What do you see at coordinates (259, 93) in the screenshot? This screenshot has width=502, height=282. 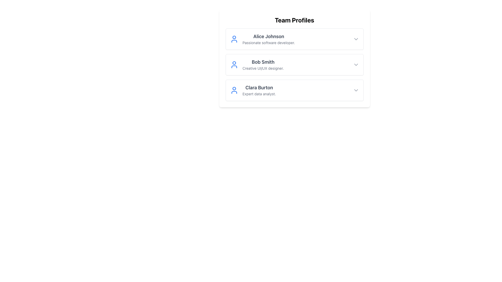 I see `the text label displaying 'Expert data analyst.' located beneath 'Clara Burton' in the 'Team Profiles' section` at bounding box center [259, 93].